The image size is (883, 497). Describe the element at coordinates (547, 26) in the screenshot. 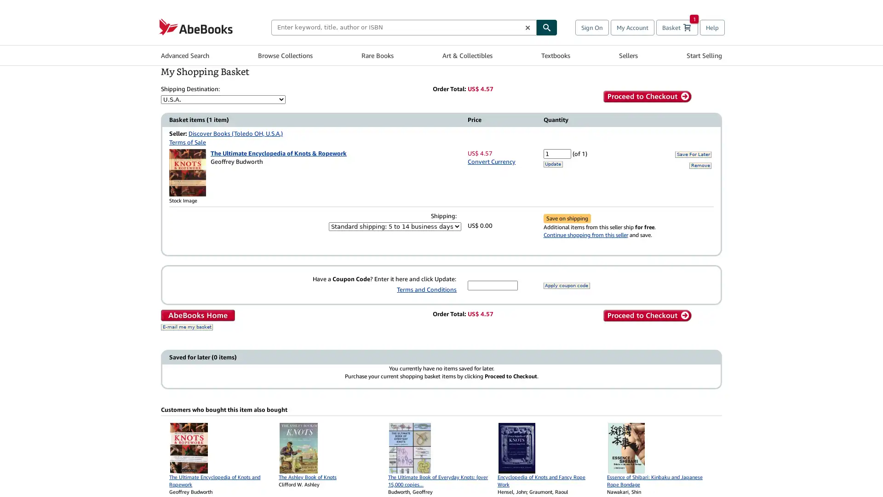

I see `Search` at that location.